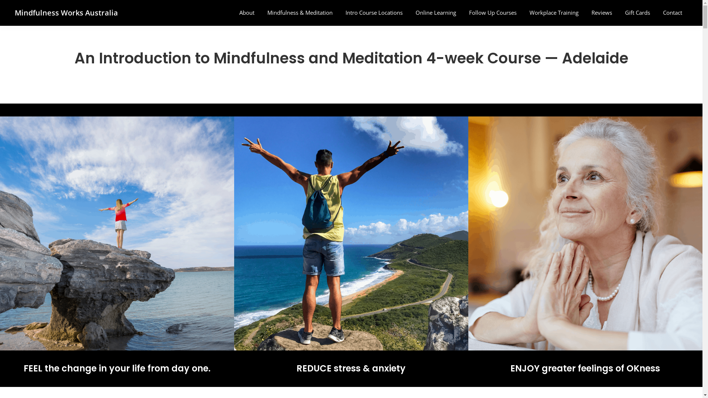  What do you see at coordinates (0, 0) in the screenshot?
I see `'Skip to primary navigation'` at bounding box center [0, 0].